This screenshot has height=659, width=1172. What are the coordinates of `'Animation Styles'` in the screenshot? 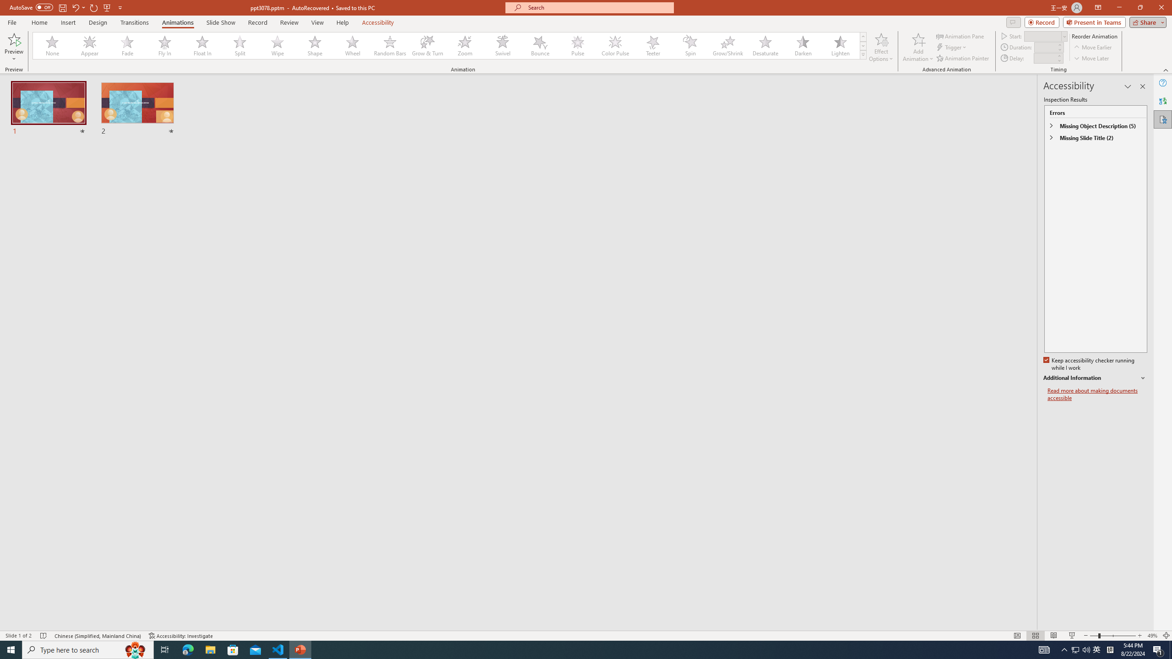 It's located at (863, 54).